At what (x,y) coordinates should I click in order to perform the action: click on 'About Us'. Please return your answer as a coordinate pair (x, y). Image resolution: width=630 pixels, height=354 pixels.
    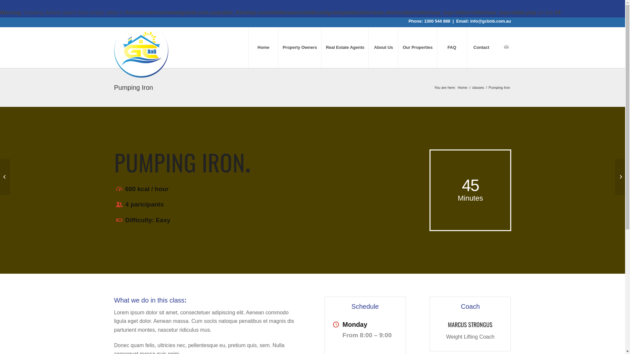
    Looking at the image, I should click on (368, 47).